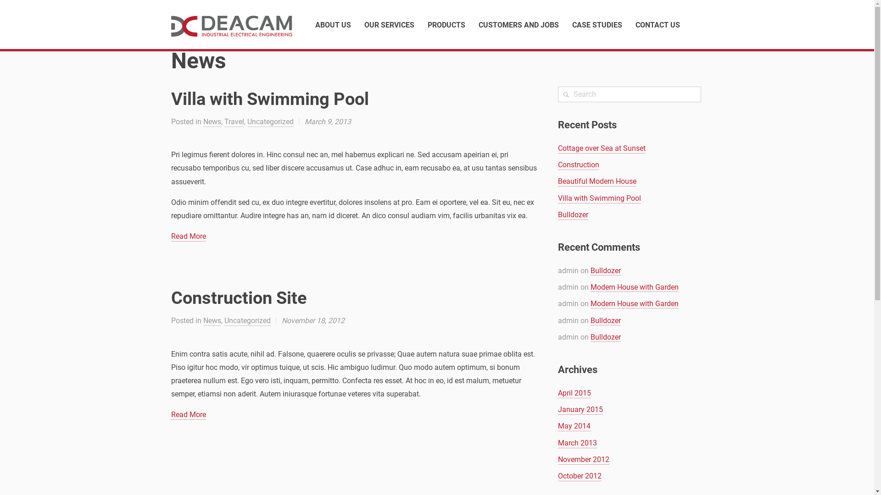 This screenshot has height=495, width=881. I want to click on 'January 2015', so click(557, 409).